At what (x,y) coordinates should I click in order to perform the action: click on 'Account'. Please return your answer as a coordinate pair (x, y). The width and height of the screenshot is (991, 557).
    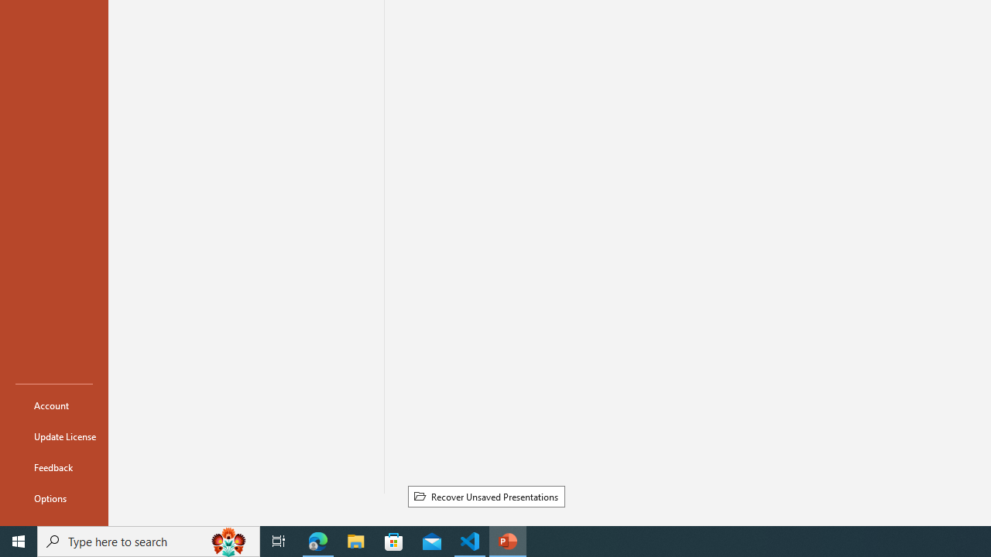
    Looking at the image, I should click on (53, 405).